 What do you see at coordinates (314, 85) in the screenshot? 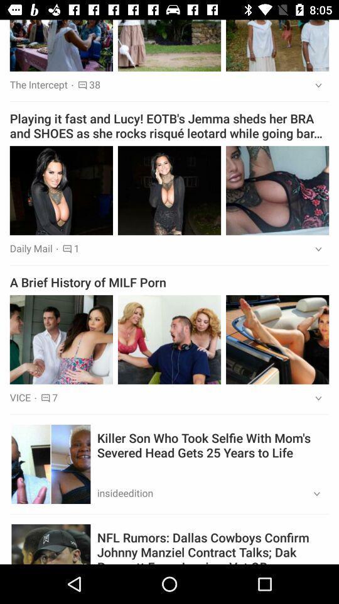
I see `the app above the playing it fast` at bounding box center [314, 85].